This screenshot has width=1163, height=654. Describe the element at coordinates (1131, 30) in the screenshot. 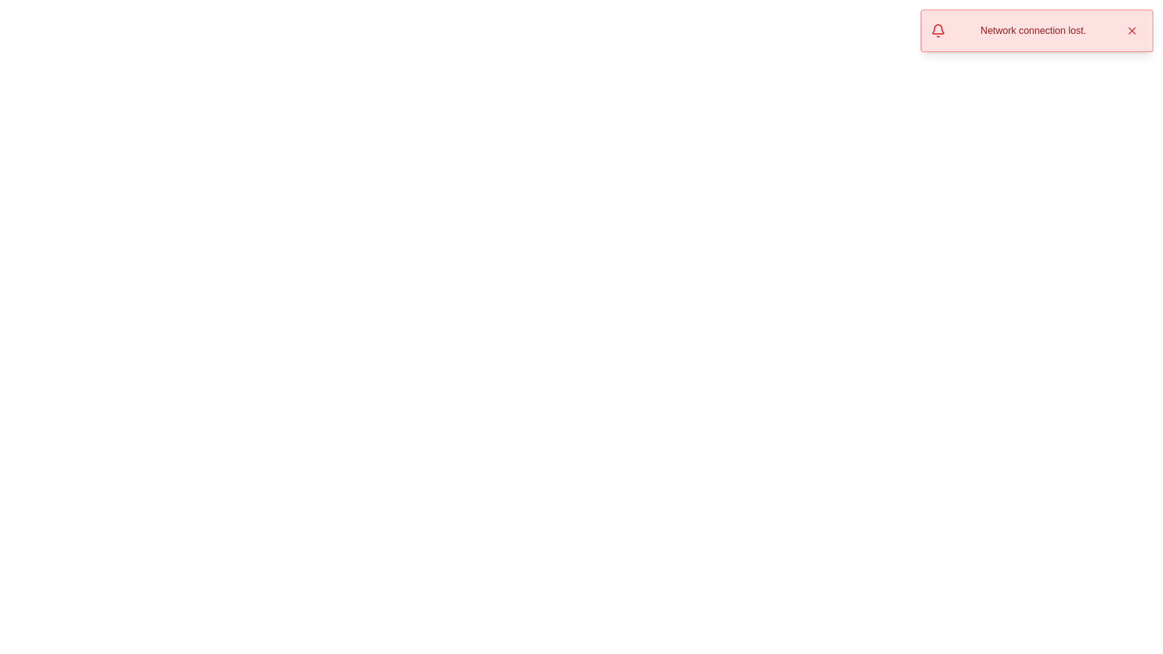

I see `the Close button represented as an 'X' icon in the top-right corner of the alert box` at that location.